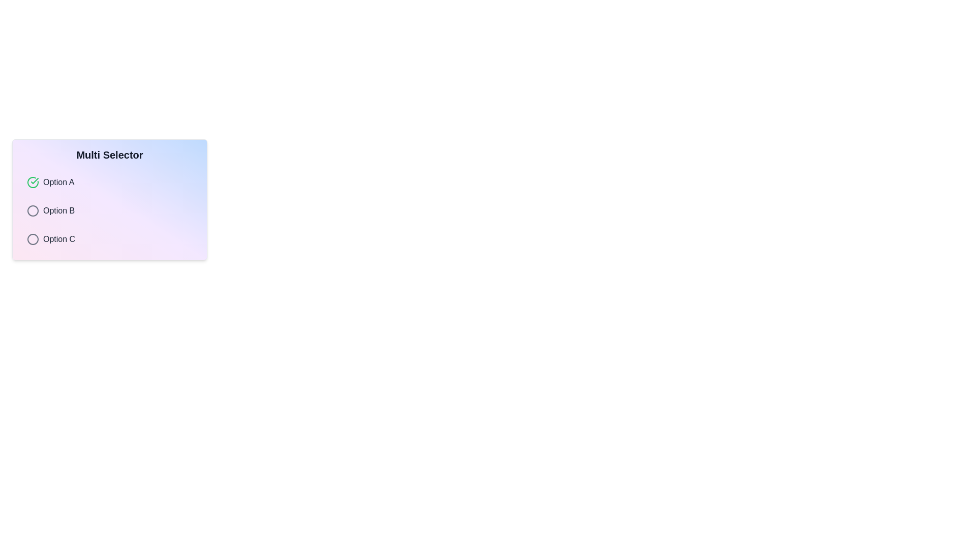 This screenshot has height=549, width=976. What do you see at coordinates (110, 210) in the screenshot?
I see `the option Option B from the list` at bounding box center [110, 210].